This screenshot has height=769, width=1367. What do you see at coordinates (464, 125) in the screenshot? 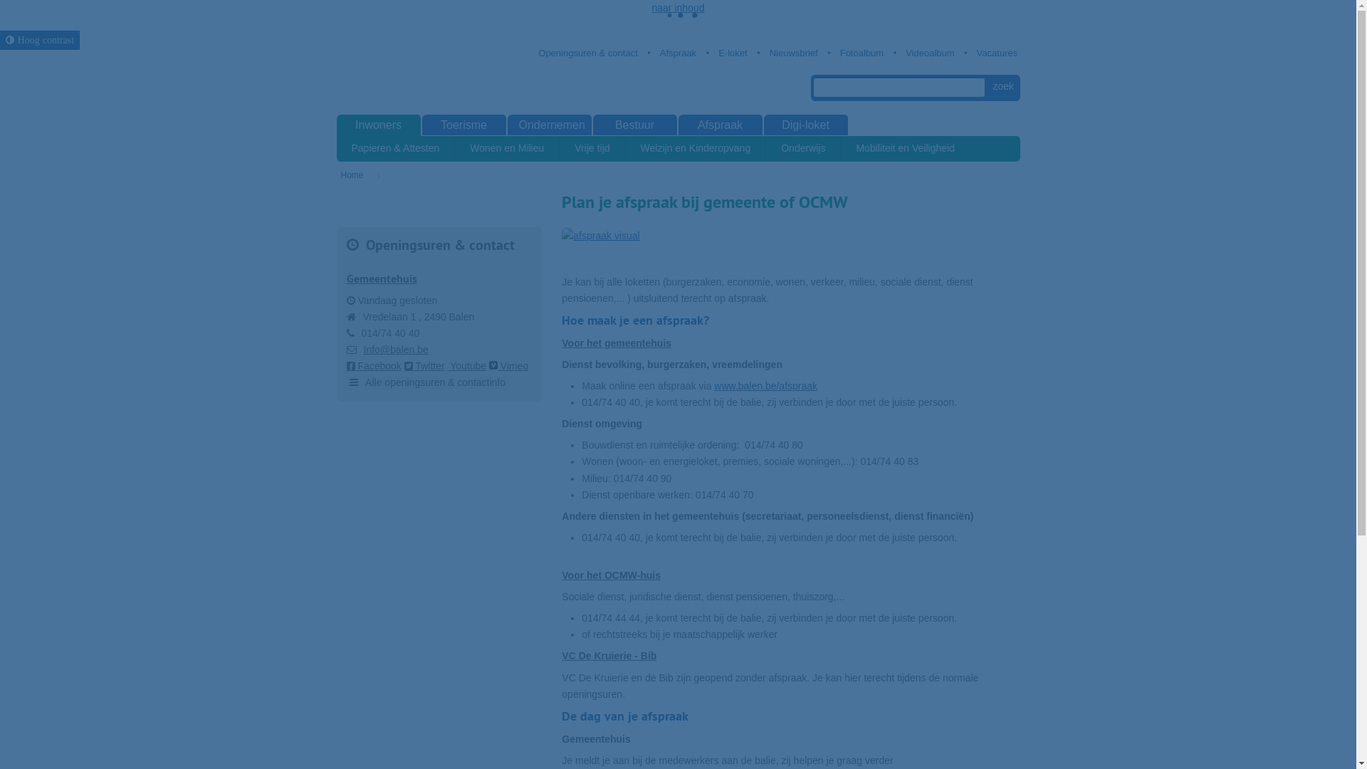
I see `'Toerisme'` at bounding box center [464, 125].